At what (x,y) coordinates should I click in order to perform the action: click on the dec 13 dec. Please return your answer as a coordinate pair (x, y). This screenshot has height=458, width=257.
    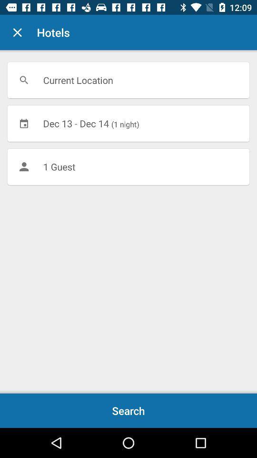
    Looking at the image, I should click on (128, 123).